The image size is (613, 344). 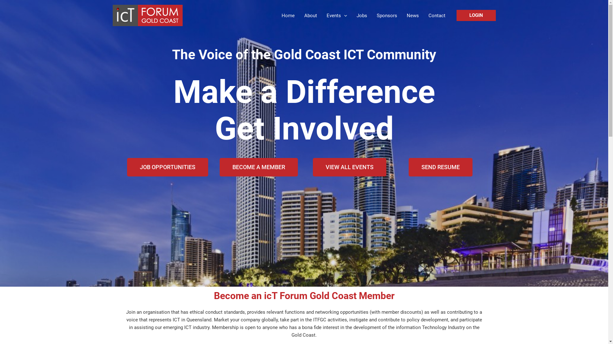 What do you see at coordinates (440, 167) in the screenshot?
I see `'SEND RESUME'` at bounding box center [440, 167].